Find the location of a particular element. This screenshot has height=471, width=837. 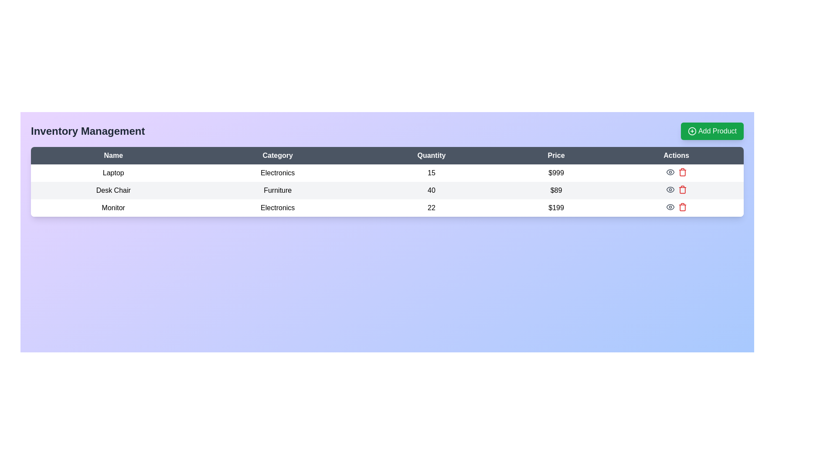

the eye icon in the Actions column of the inventory management table is located at coordinates (676, 172).